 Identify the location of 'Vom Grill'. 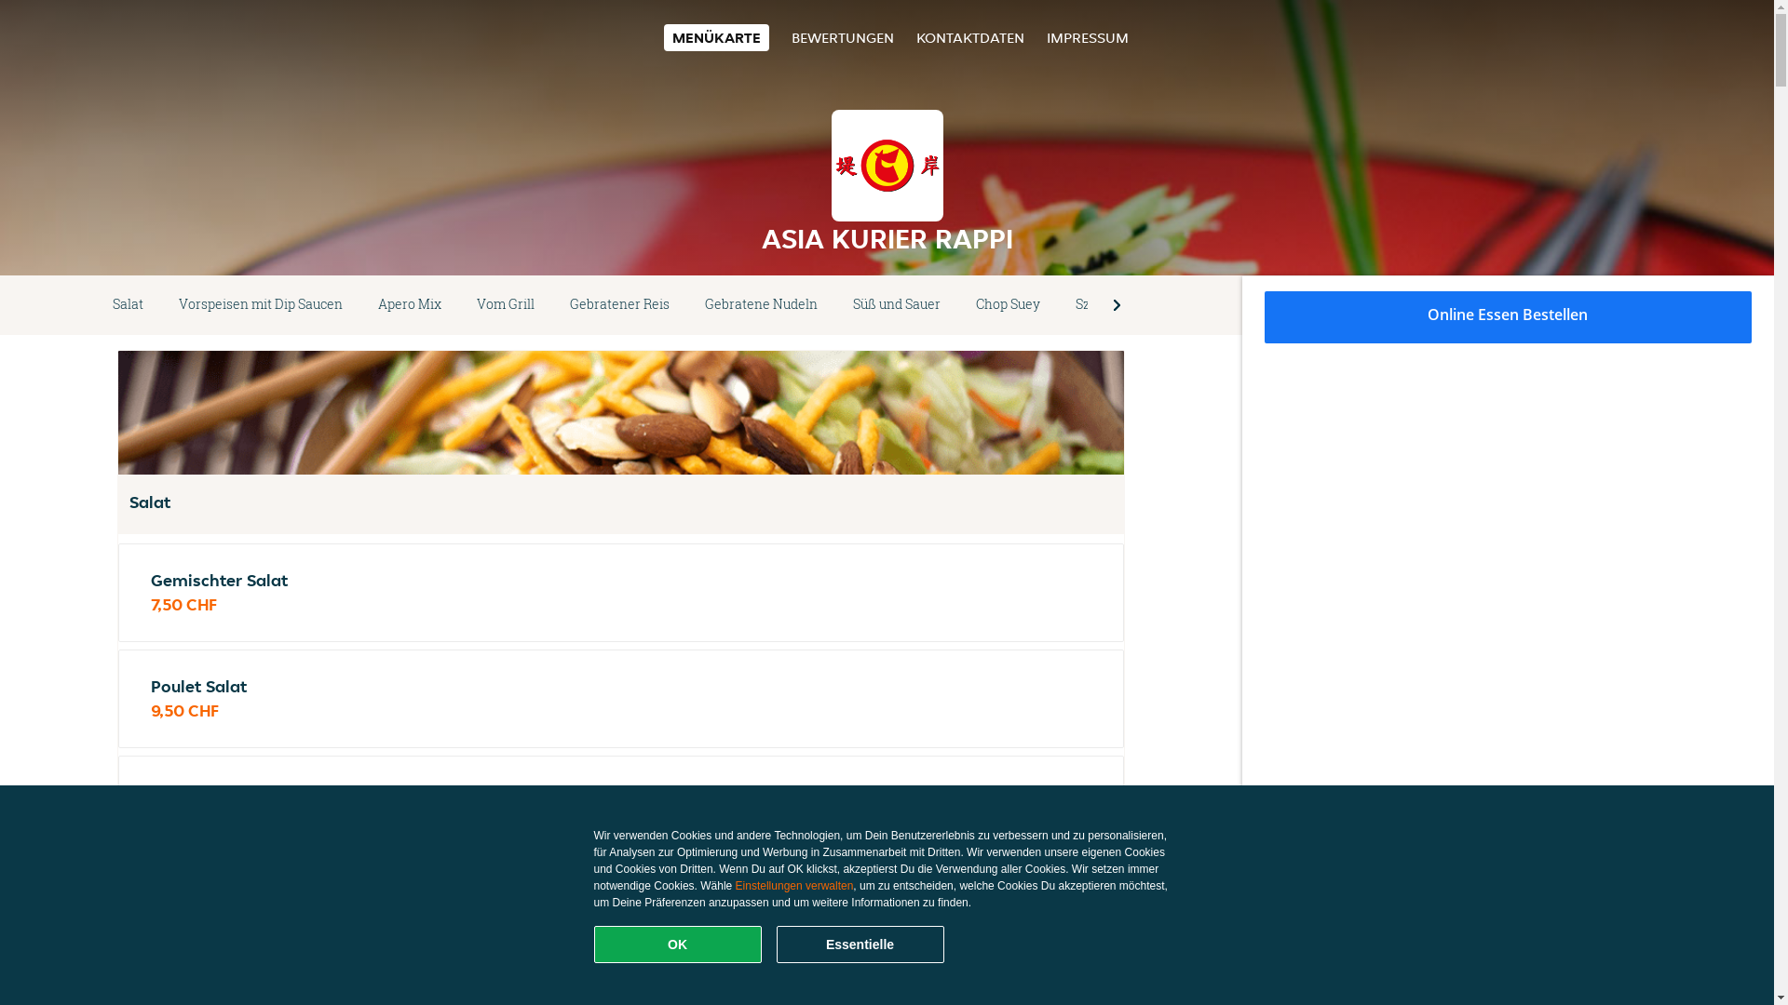
(505, 303).